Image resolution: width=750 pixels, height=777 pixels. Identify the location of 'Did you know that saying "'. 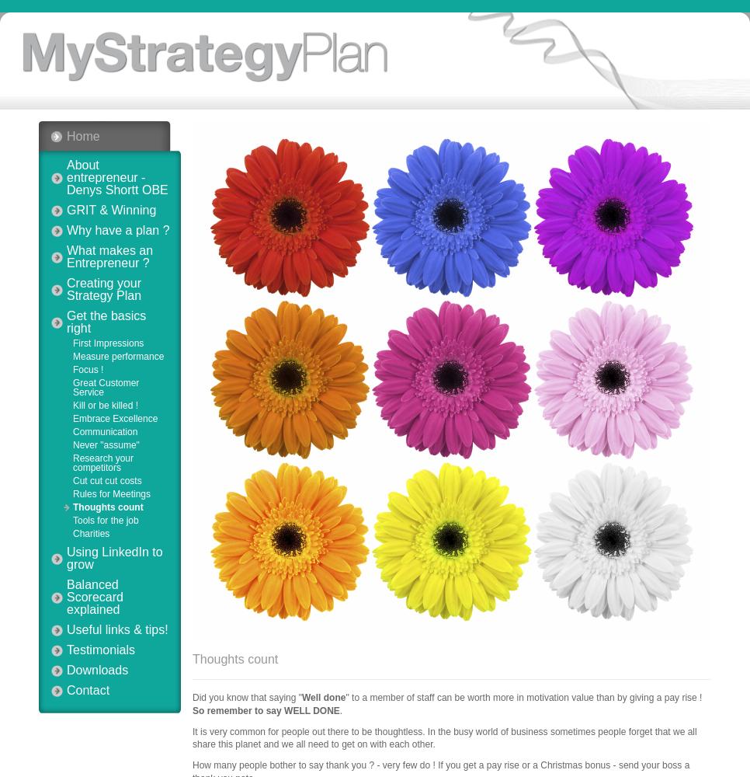
(247, 698).